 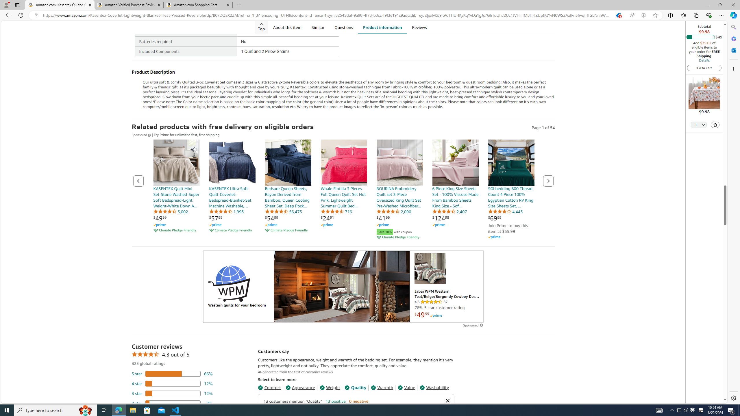 I want to click on '2,407$124.98', so click(x=455, y=190).